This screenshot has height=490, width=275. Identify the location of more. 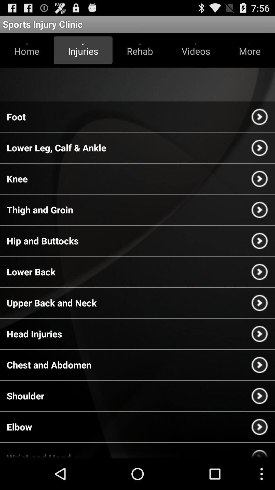
(249, 50).